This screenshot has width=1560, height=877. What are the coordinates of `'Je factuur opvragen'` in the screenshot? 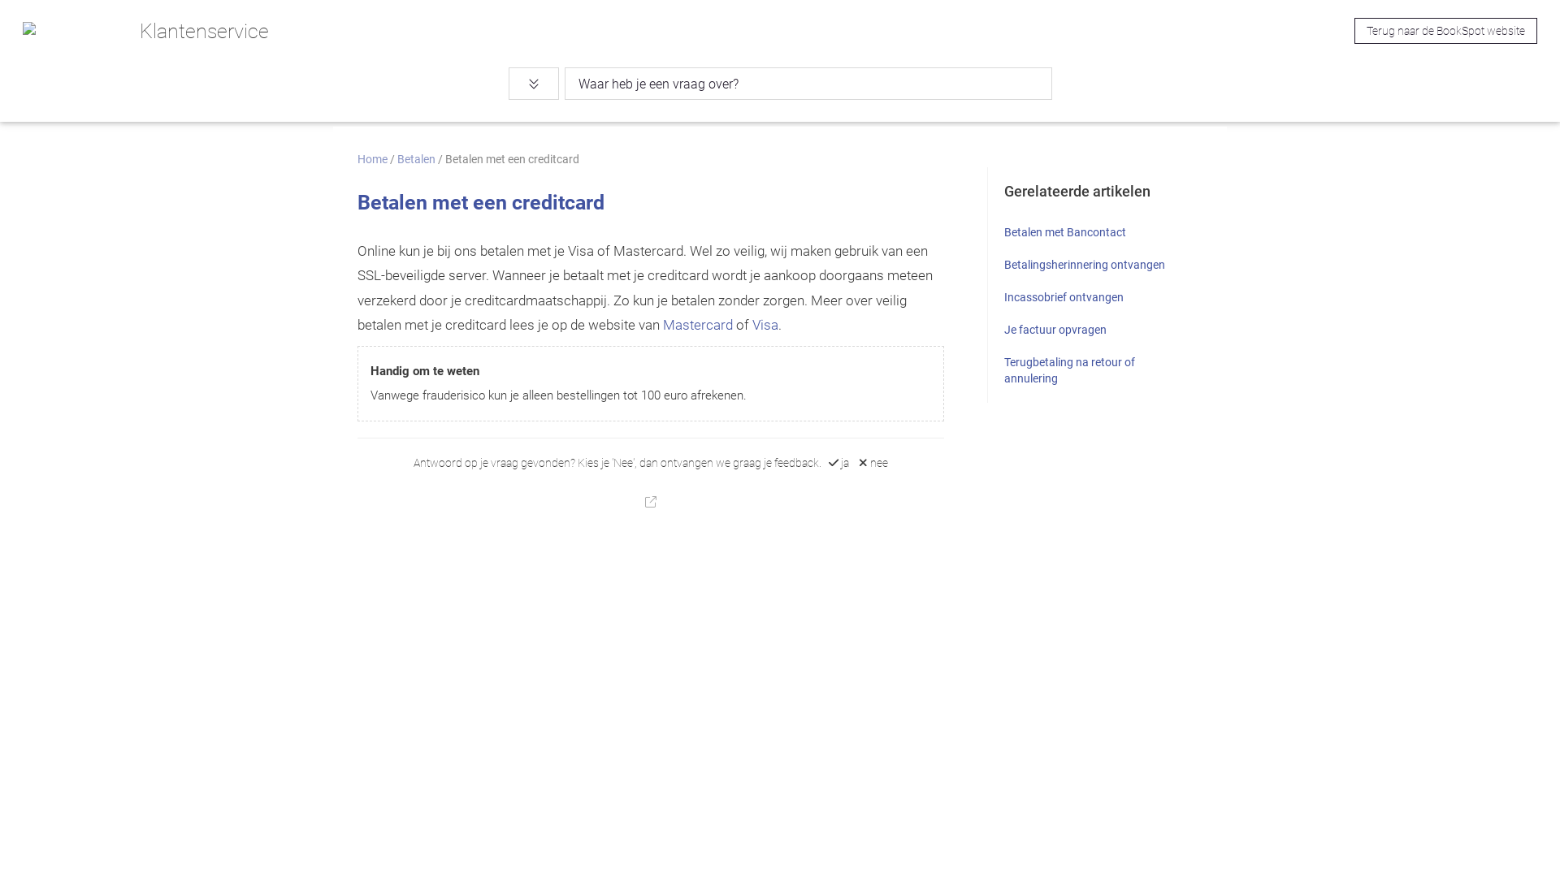 It's located at (1055, 329).